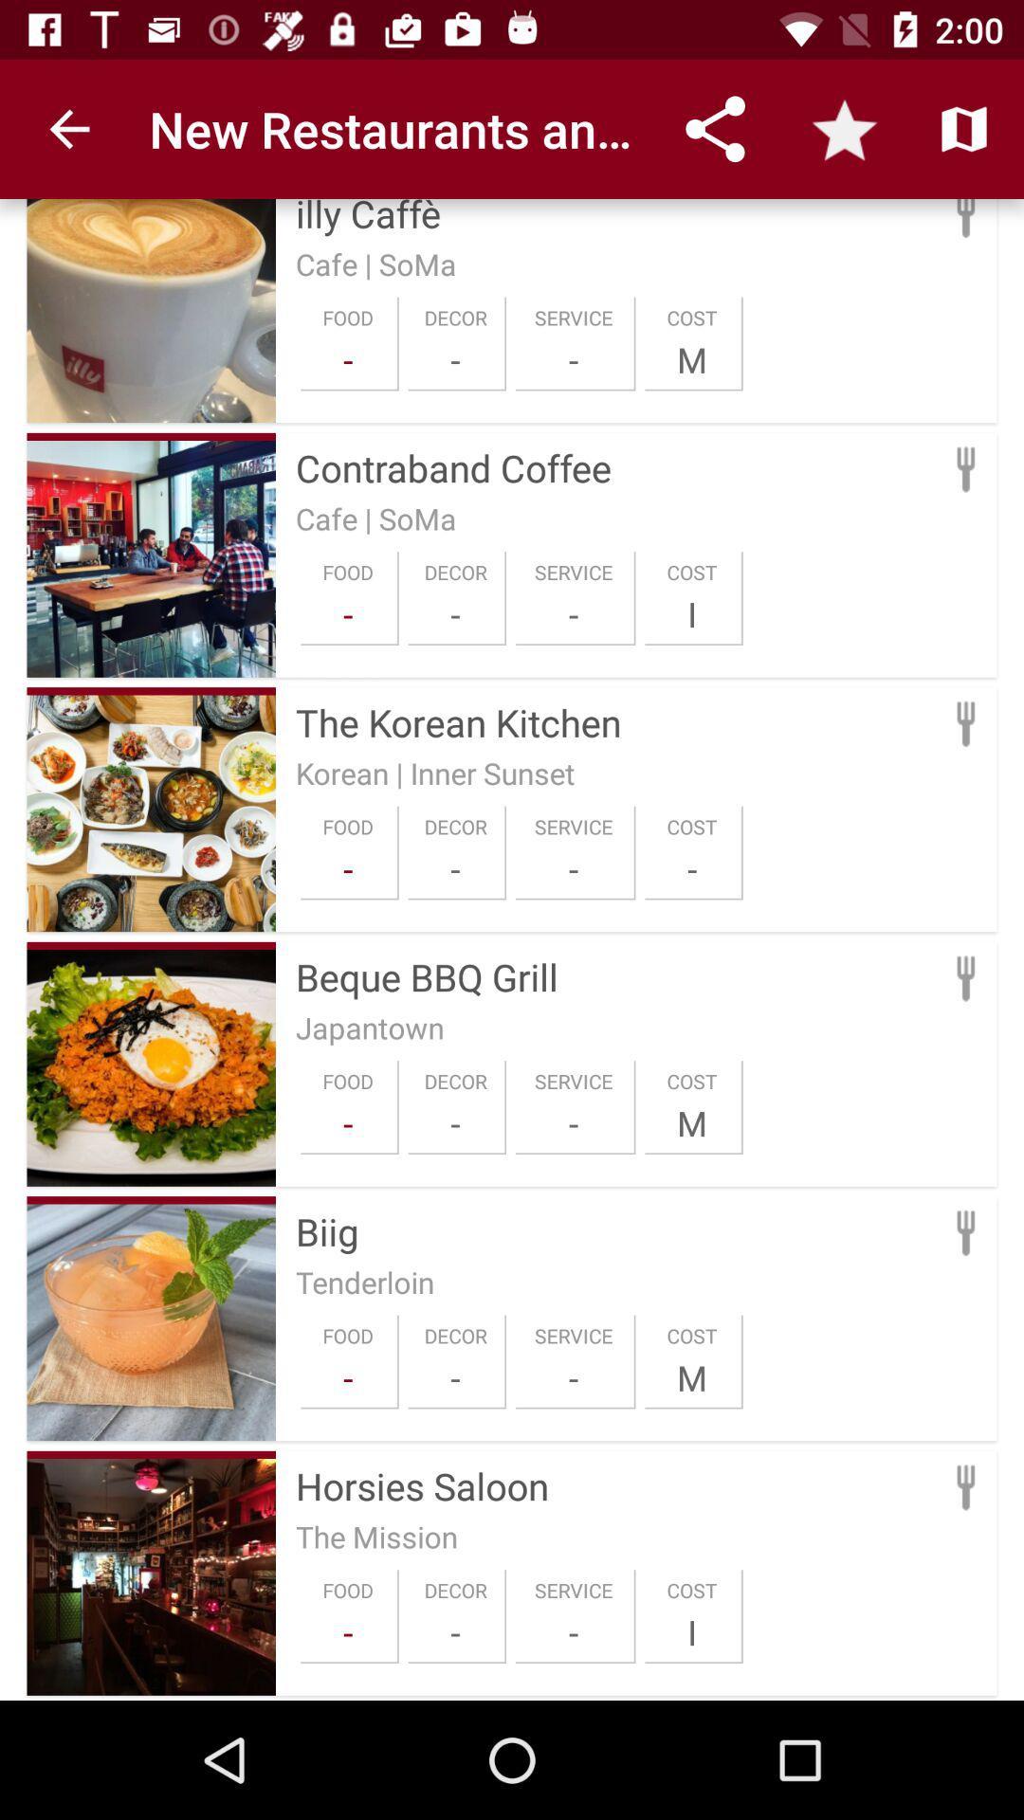  I want to click on icon to the left of the service item, so click(455, 1631).